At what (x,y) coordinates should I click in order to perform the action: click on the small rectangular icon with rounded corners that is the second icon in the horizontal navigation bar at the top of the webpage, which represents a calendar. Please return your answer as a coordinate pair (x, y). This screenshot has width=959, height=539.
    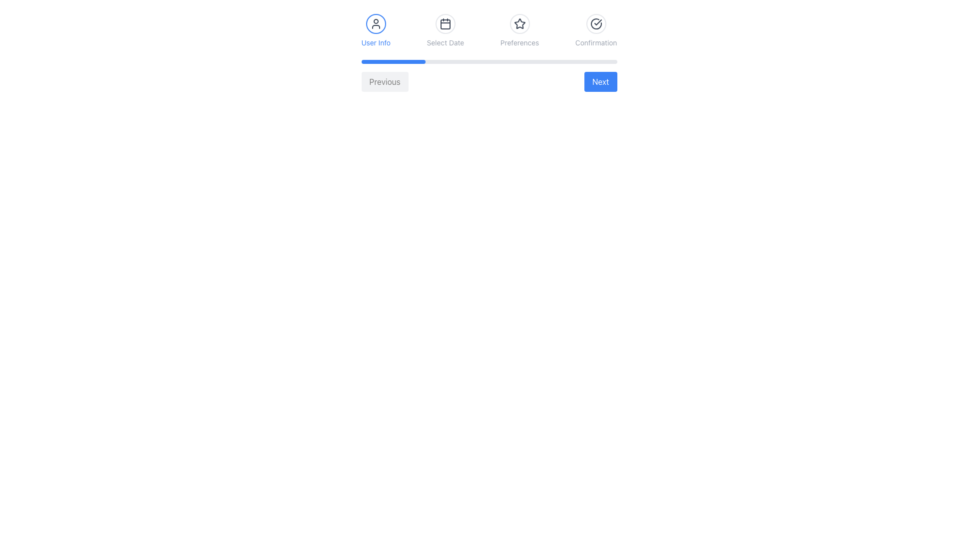
    Looking at the image, I should click on (445, 24).